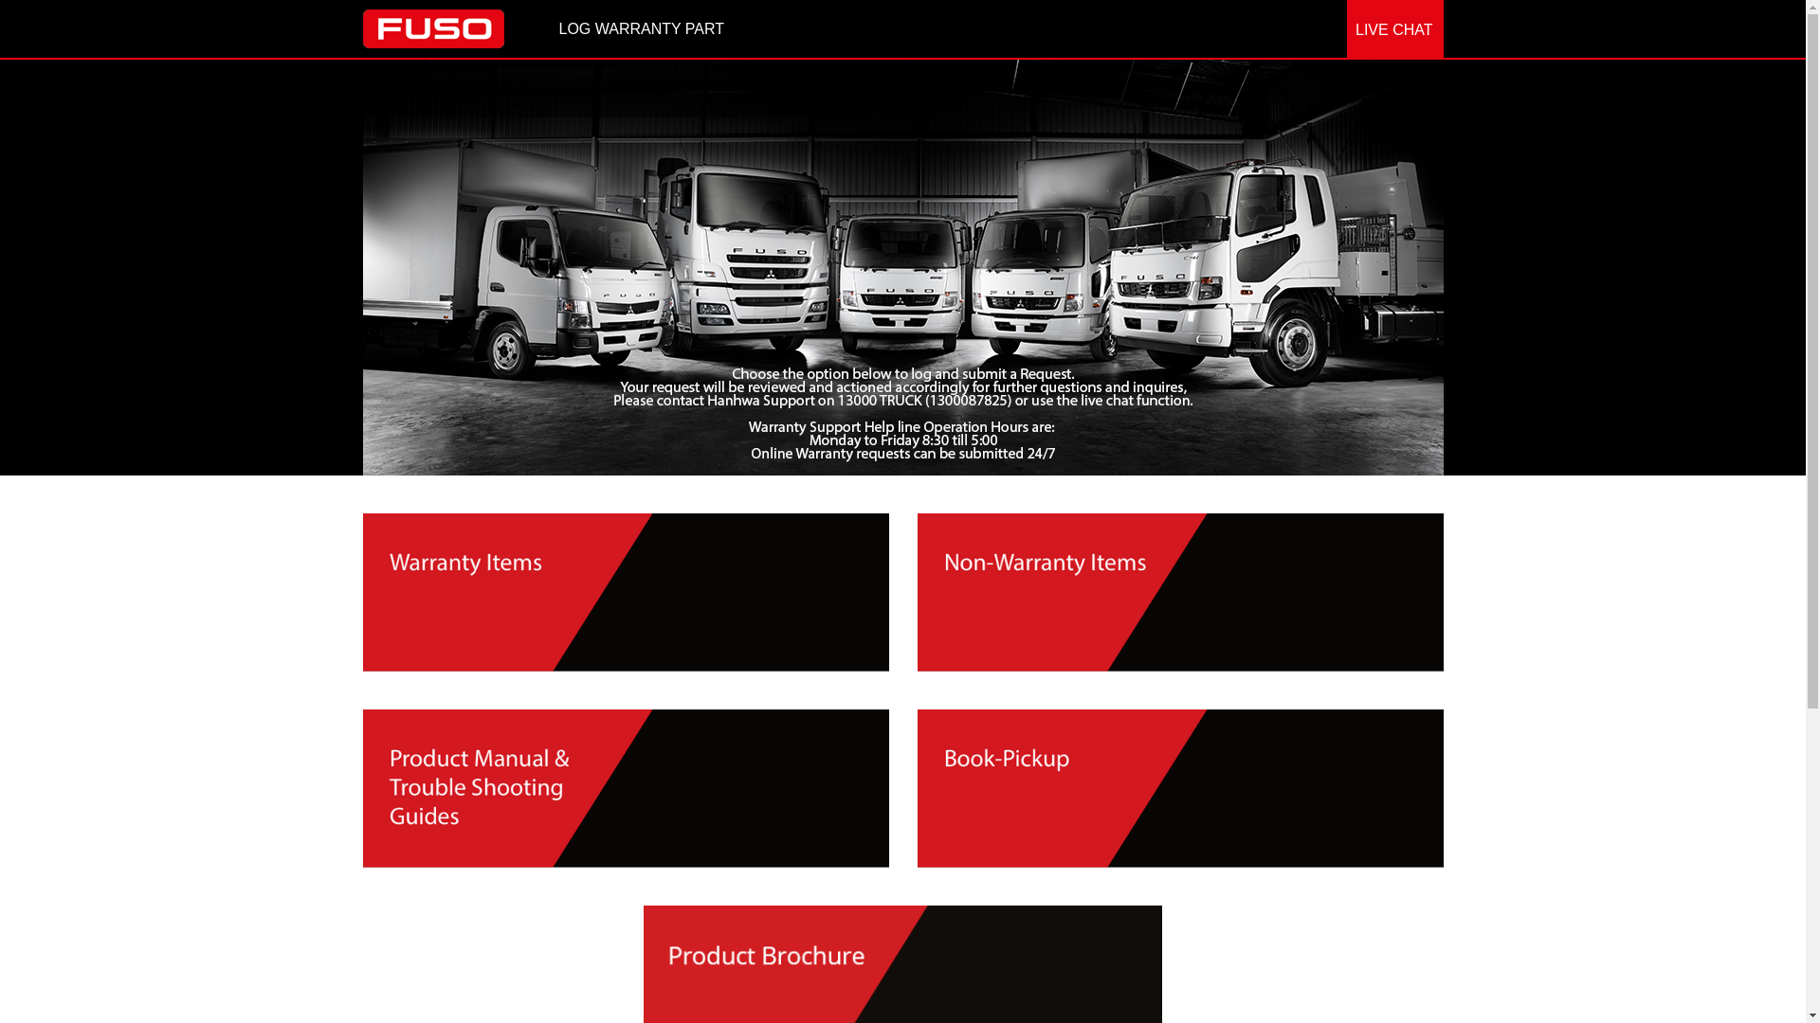 This screenshot has height=1023, width=1820. What do you see at coordinates (1395, 29) in the screenshot?
I see `'LIVE CHAT'` at bounding box center [1395, 29].